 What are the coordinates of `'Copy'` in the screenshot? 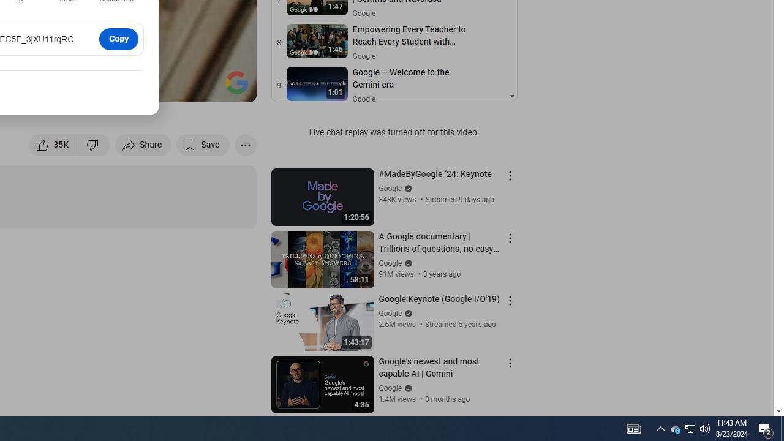 It's located at (119, 38).